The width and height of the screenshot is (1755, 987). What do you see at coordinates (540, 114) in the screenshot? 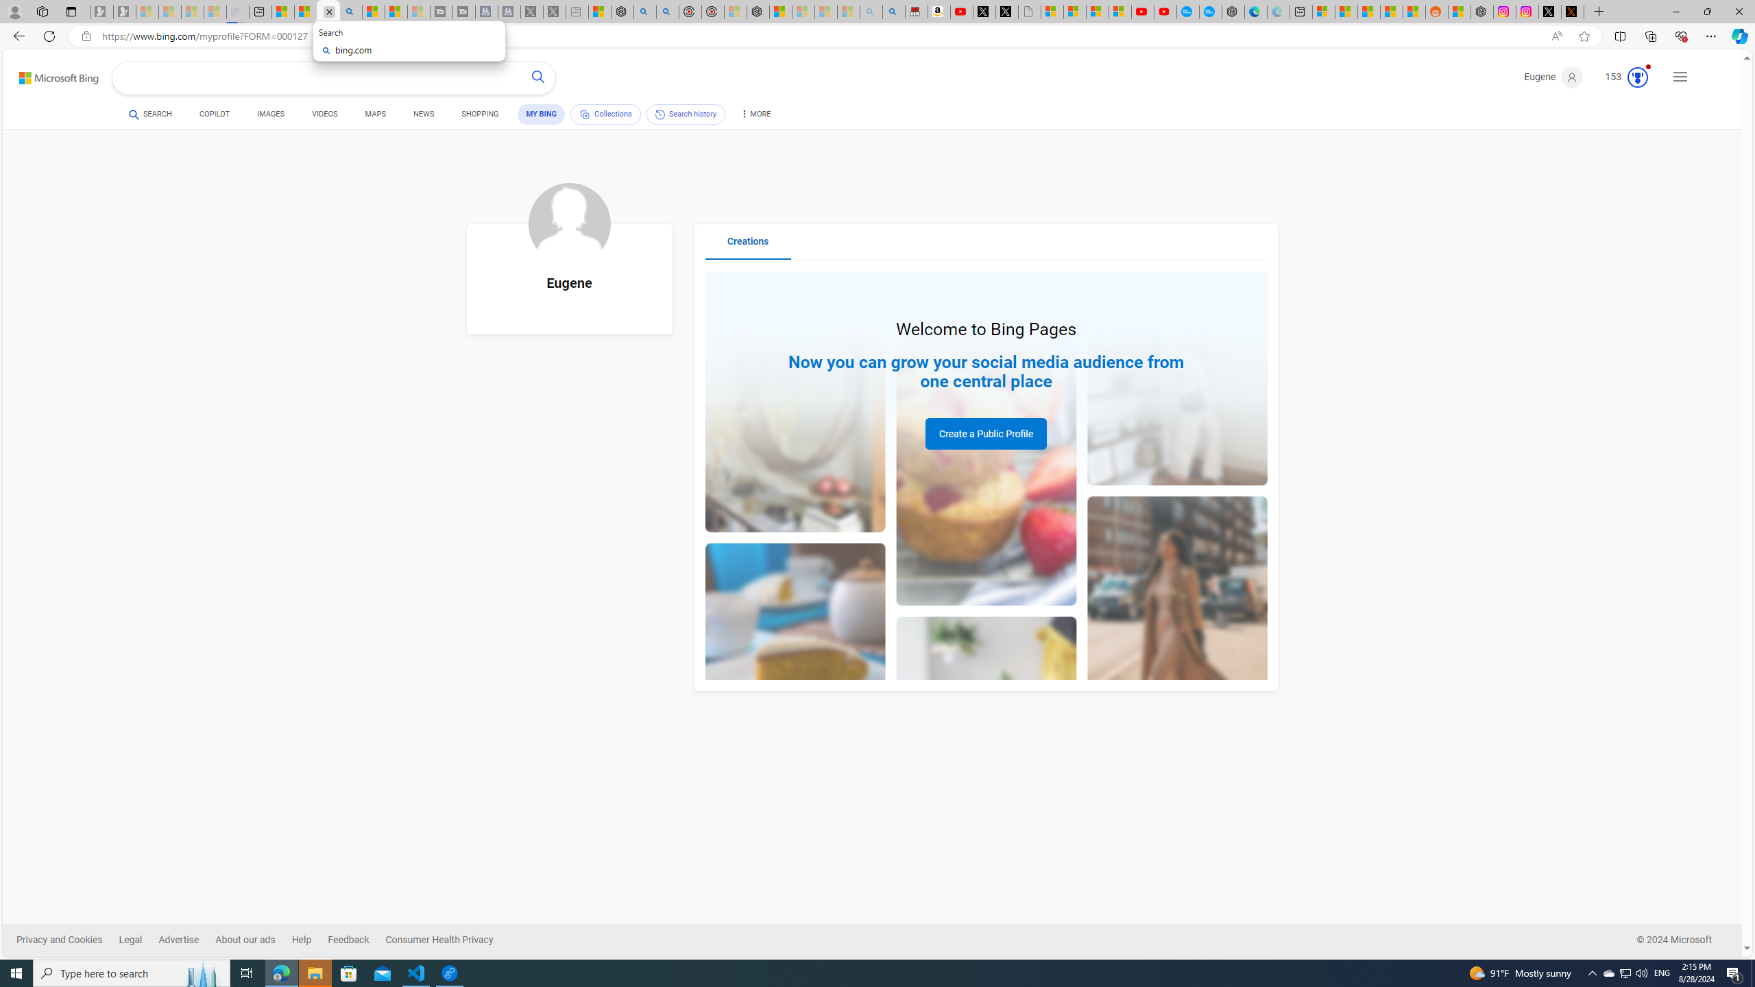
I see `'MY BING'` at bounding box center [540, 114].